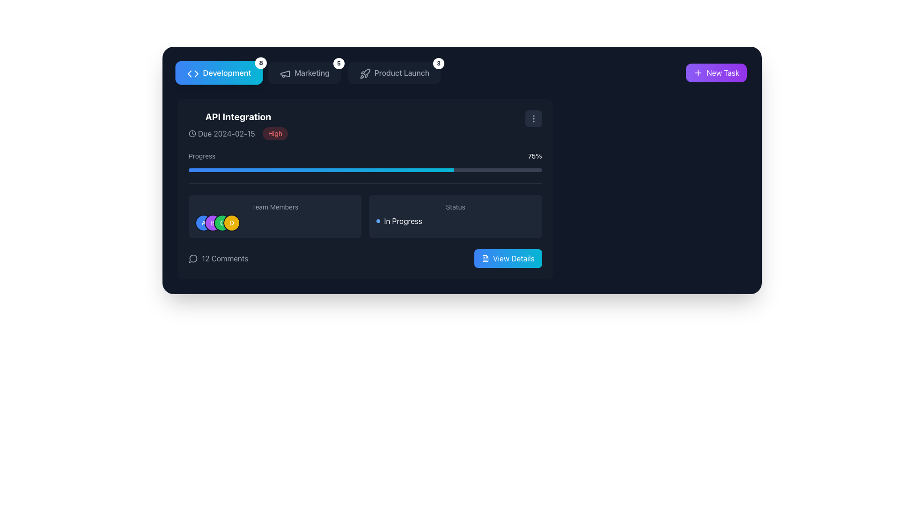 The image size is (899, 505). Describe the element at coordinates (438, 63) in the screenshot. I see `the notification badge in the top-right corner of the 'Product Launch' button to gather information about item counts or updates` at that location.